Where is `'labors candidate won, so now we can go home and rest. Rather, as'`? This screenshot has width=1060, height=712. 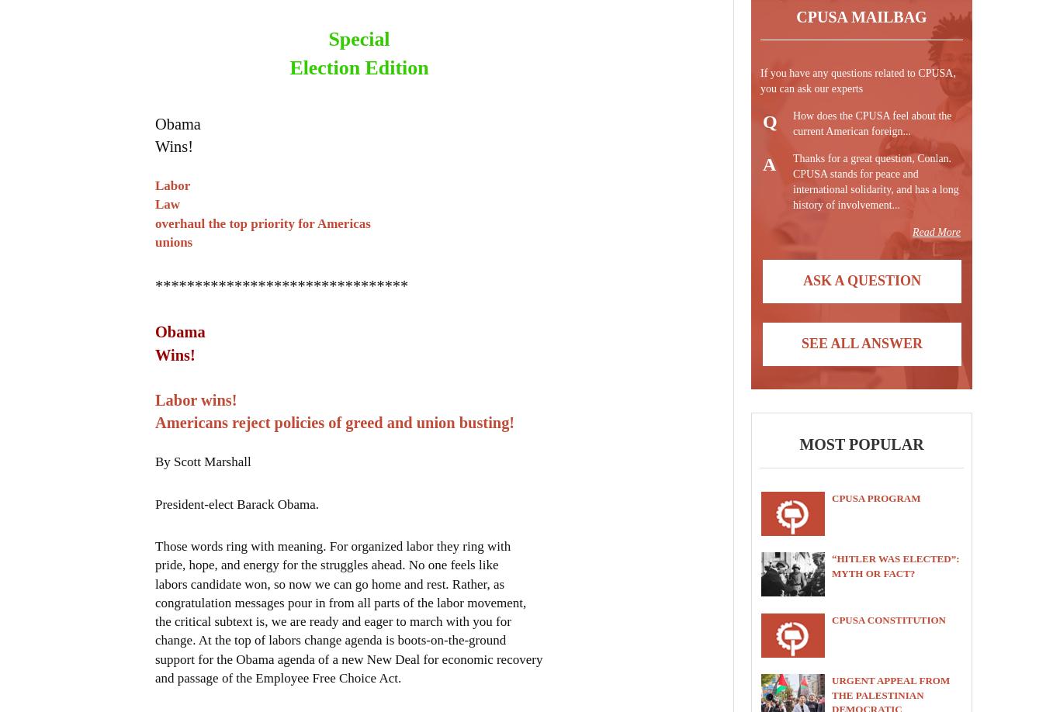 'labors candidate won, so now we can go home and rest. Rather, as' is located at coordinates (328, 582).